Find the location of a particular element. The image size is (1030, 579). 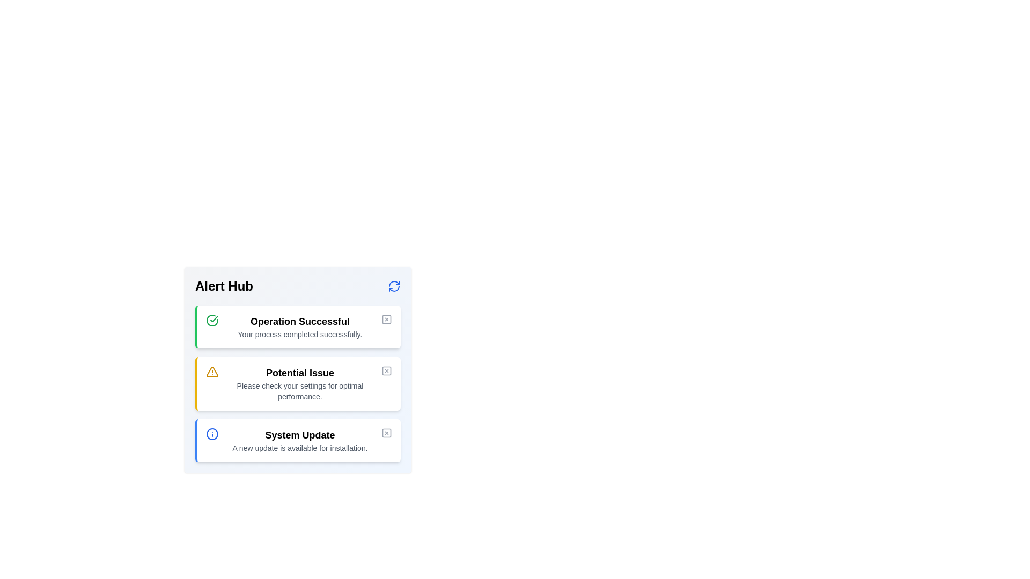

the yellow triangle-shaped warning icon with an exclamation mark located to the left of the text 'Potential Issue' in the second alert box of the Alert Hub section is located at coordinates (212, 372).